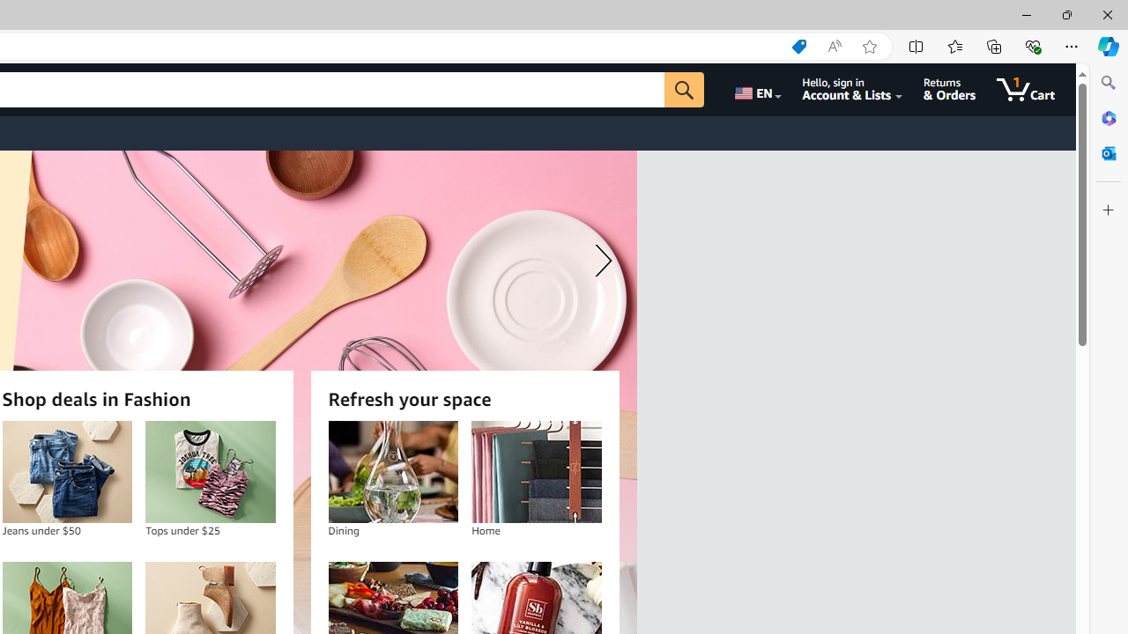 This screenshot has height=634, width=1128. I want to click on 'Returns & Orders', so click(948, 89).